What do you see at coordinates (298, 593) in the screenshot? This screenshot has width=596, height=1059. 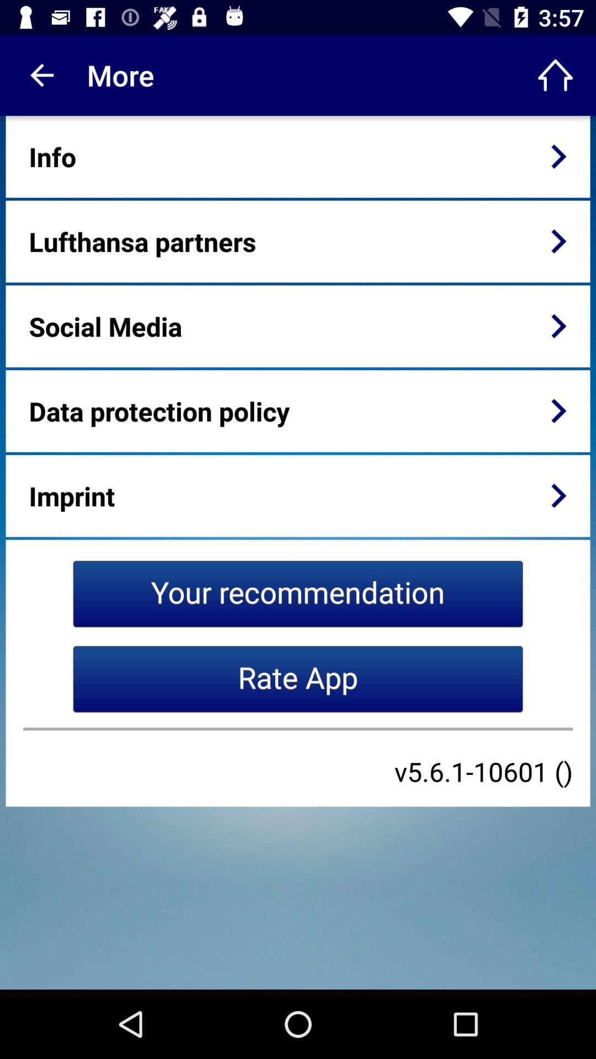 I see `item above the rate app icon` at bounding box center [298, 593].